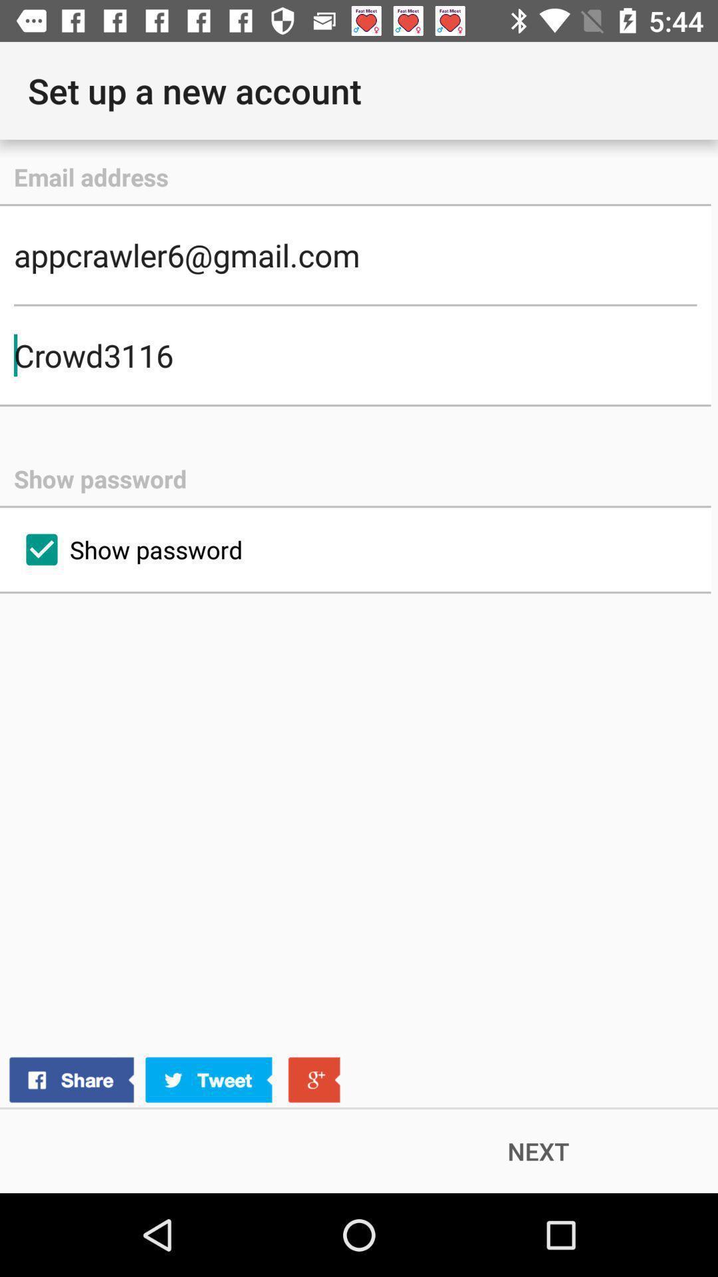 Image resolution: width=718 pixels, height=1277 pixels. Describe the element at coordinates (354, 255) in the screenshot. I see `appcrawler6@gmail.com icon` at that location.